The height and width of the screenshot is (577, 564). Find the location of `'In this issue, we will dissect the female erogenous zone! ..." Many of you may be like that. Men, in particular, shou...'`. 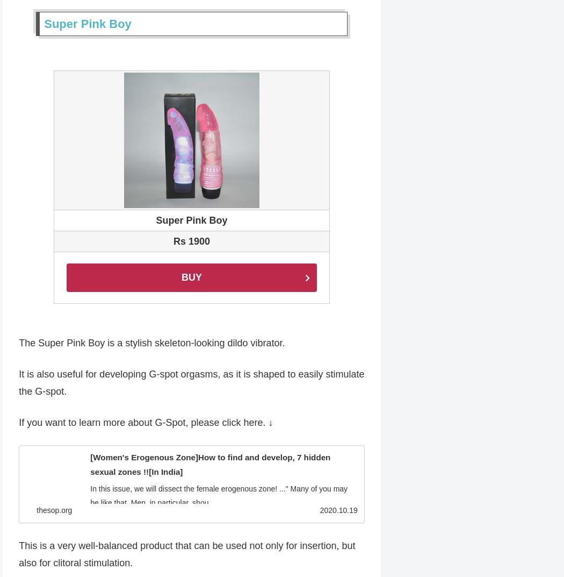

'In this issue, we will dissect the female erogenous zone! ..." Many of you may be like that. Men, in particular, shou...' is located at coordinates (222, 496).